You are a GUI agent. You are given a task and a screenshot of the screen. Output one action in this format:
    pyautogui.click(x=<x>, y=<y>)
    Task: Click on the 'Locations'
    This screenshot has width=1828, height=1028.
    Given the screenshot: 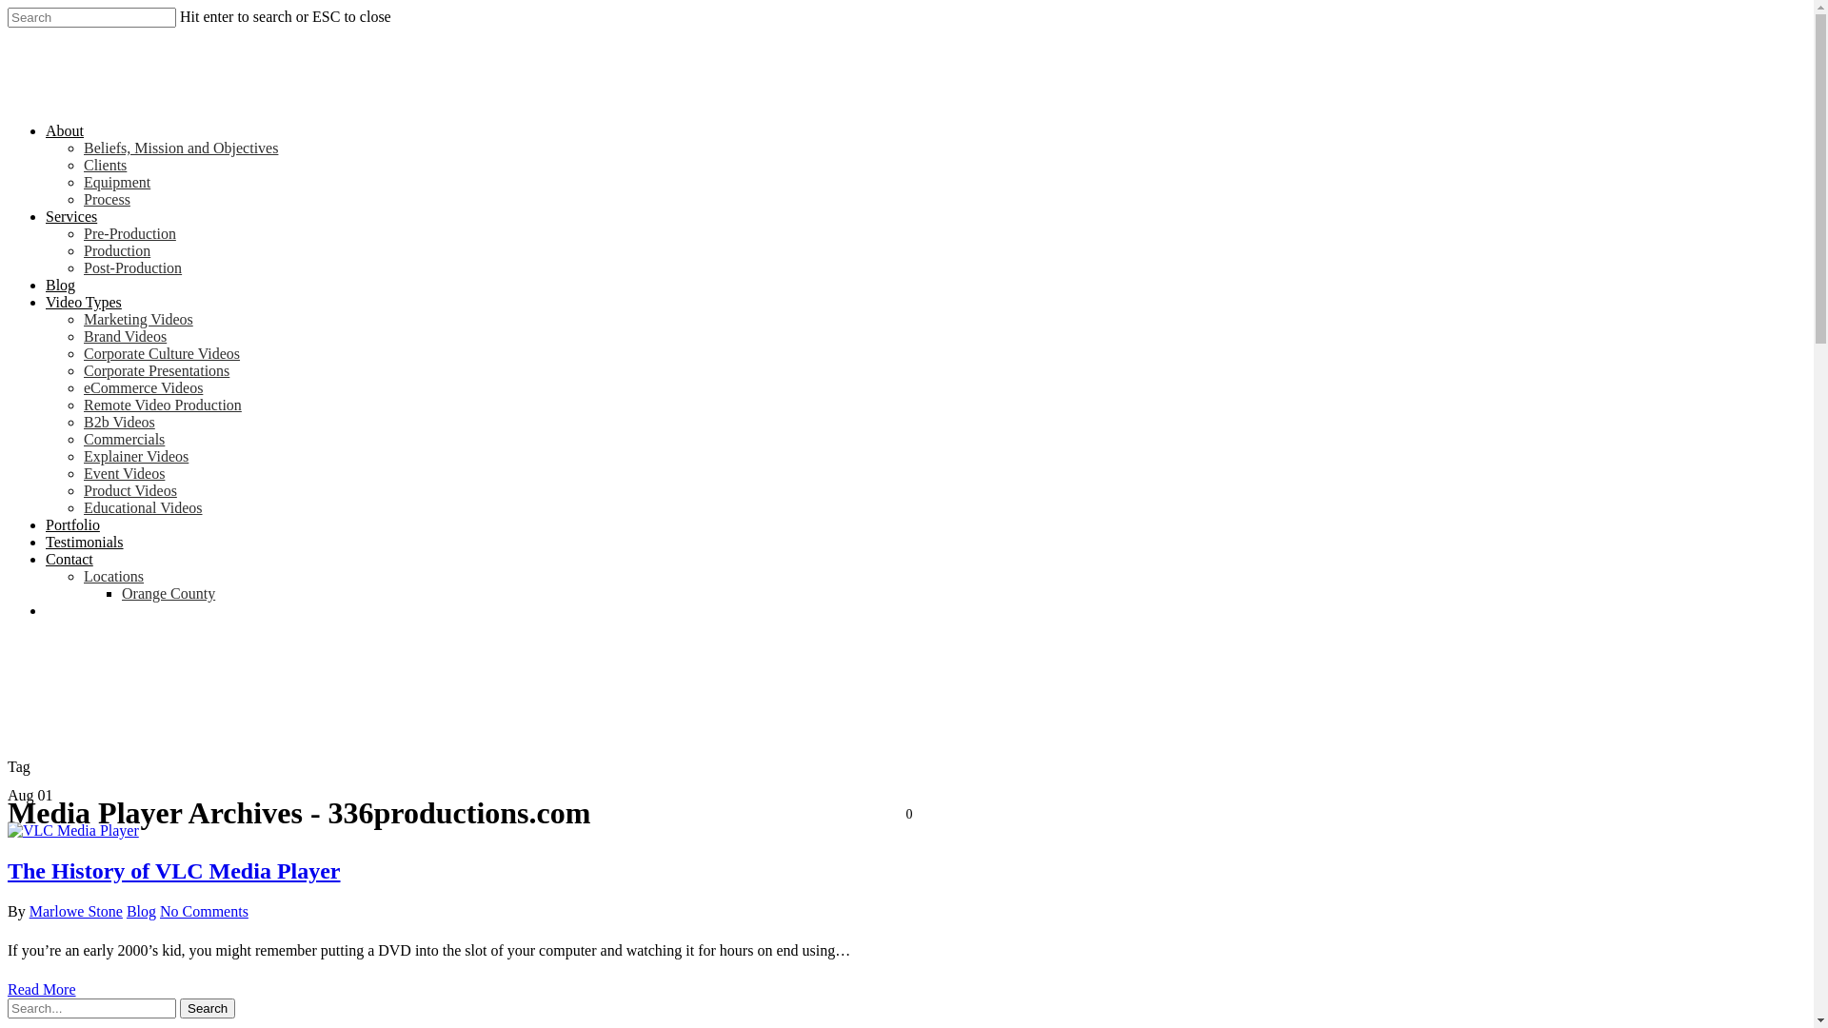 What is the action you would take?
    pyautogui.click(x=82, y=575)
    